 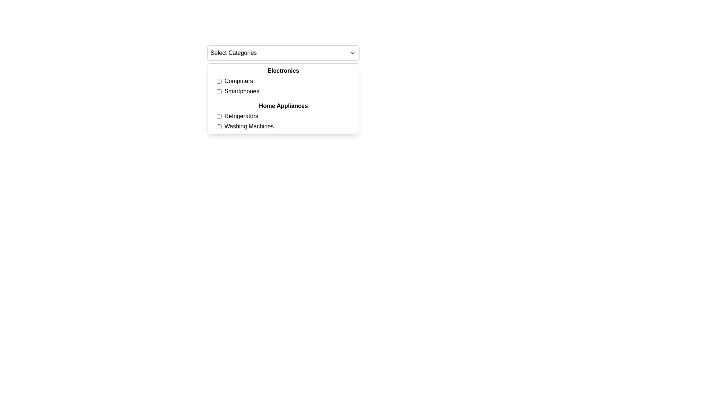 I want to click on the background of the 'Electronics' group in the dropdown menu to interact with its options, so click(x=283, y=81).